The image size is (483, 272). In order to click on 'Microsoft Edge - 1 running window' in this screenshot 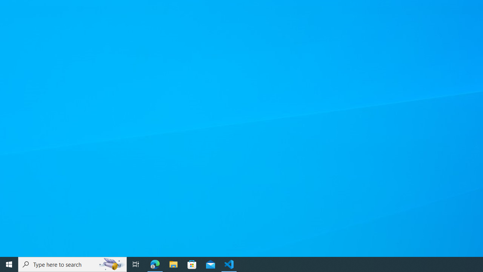, I will do `click(155, 264)`.